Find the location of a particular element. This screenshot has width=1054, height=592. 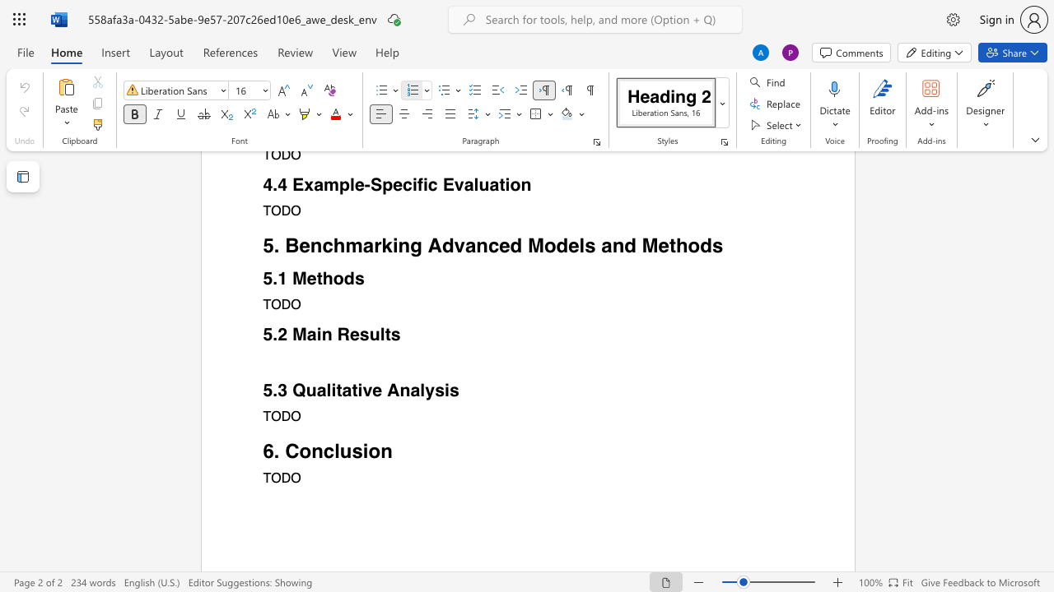

the space between the continuous character "l" and "i" in the text is located at coordinates (330, 391).